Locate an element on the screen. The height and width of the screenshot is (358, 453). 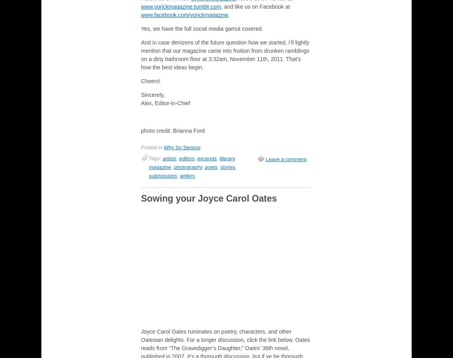
'www.yorickmagazine.tumblr.com' is located at coordinates (181, 6).